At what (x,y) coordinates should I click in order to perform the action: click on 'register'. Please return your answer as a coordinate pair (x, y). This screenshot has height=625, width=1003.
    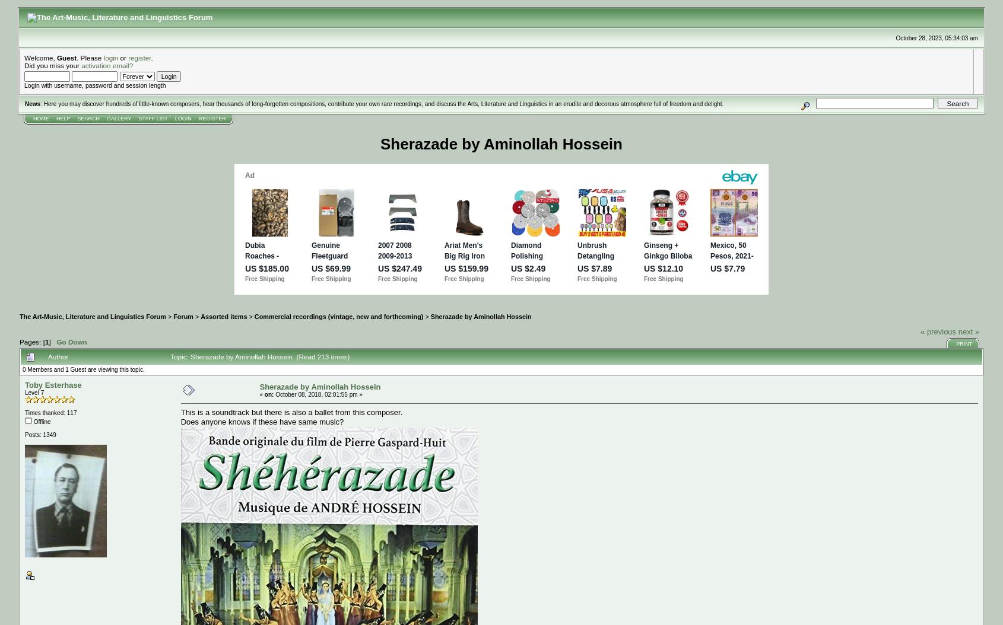
    Looking at the image, I should click on (139, 57).